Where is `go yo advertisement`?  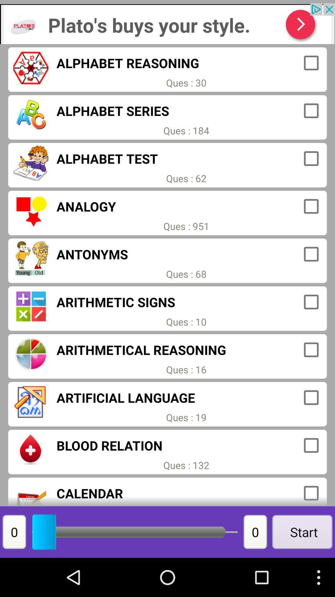 go yo advertisement is located at coordinates (167, 24).